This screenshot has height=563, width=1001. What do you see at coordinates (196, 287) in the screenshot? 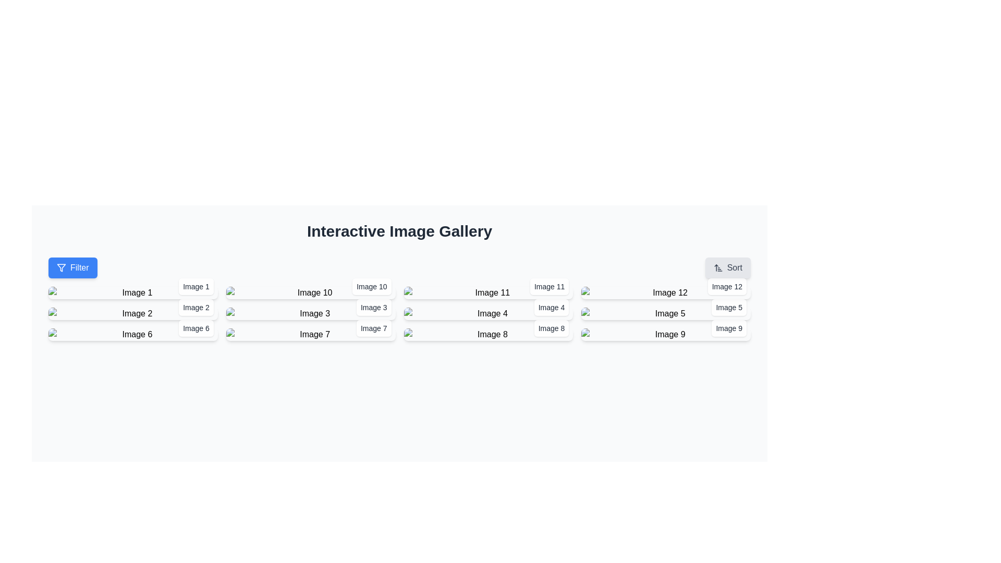
I see `the text label associated with the first image thumbnail in the top-left section of the interface, located at the bottom-right corner of the image card` at bounding box center [196, 287].